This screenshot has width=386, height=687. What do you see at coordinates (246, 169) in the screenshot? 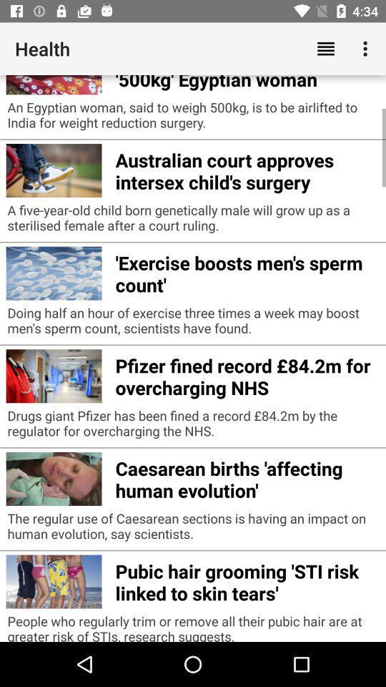
I see `icon above the a five year icon` at bounding box center [246, 169].